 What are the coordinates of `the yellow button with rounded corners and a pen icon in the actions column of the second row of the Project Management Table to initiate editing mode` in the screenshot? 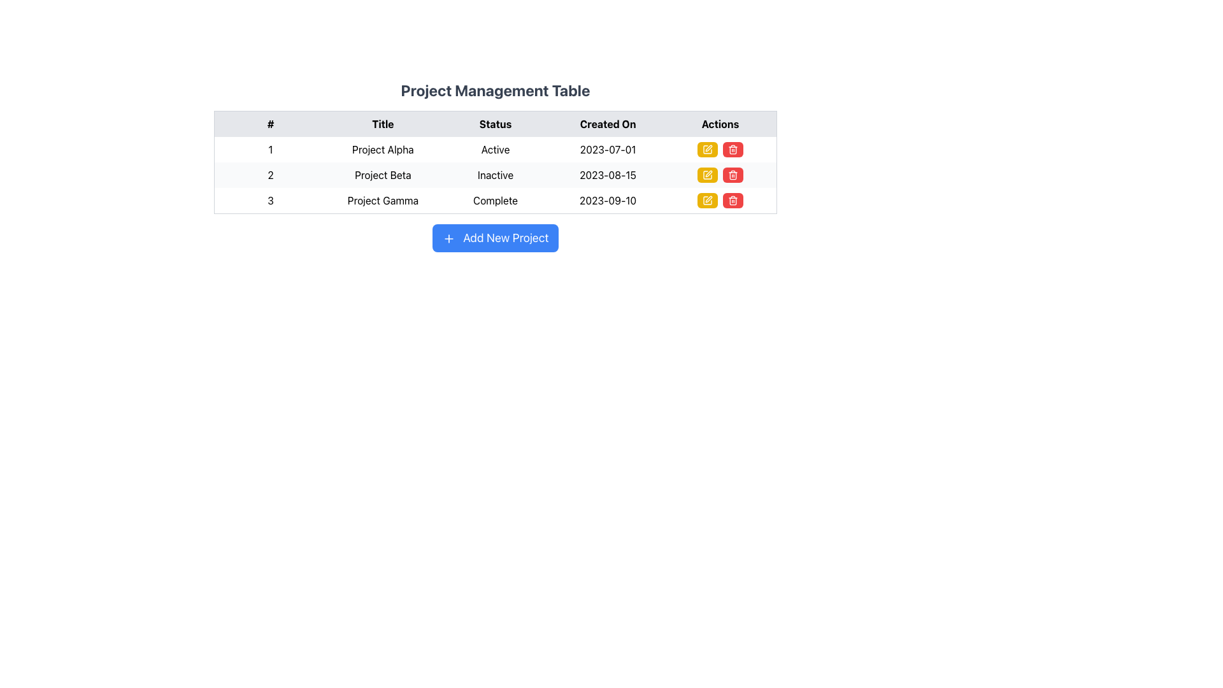 It's located at (706, 175).